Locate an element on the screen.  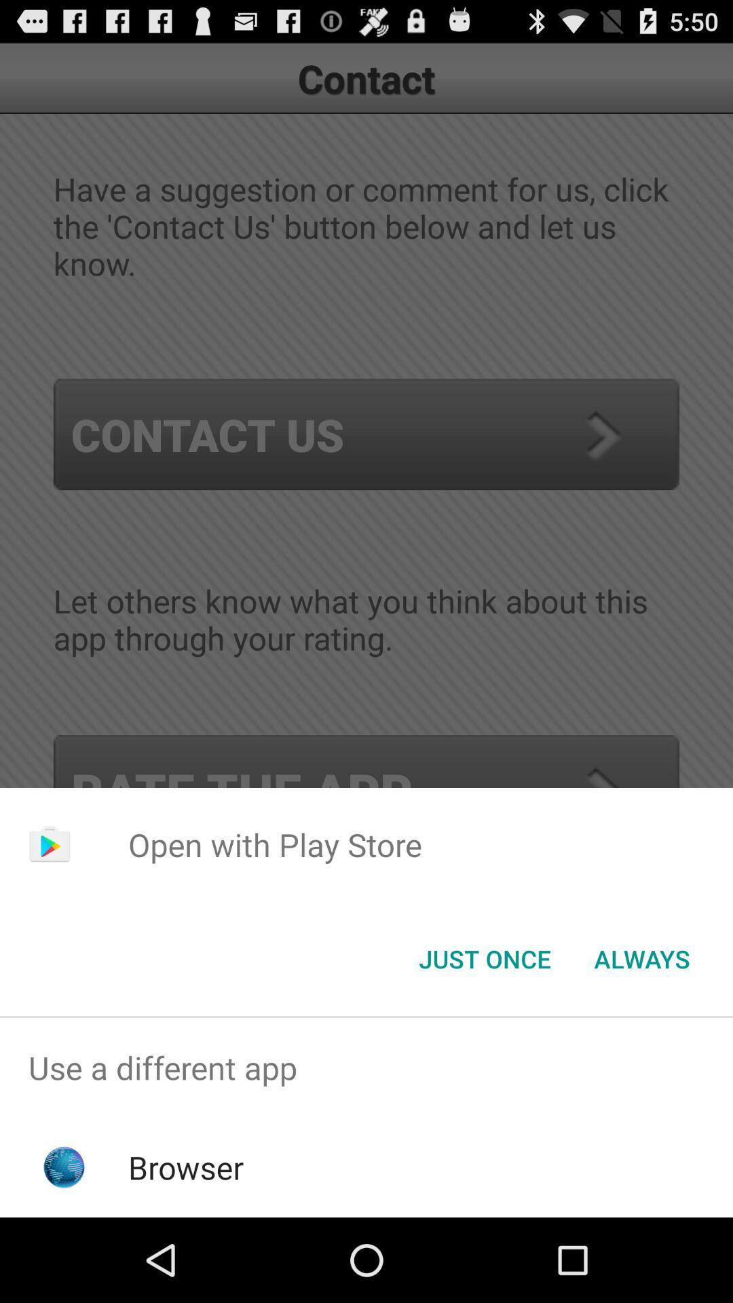
the item to the left of the always is located at coordinates (484, 958).